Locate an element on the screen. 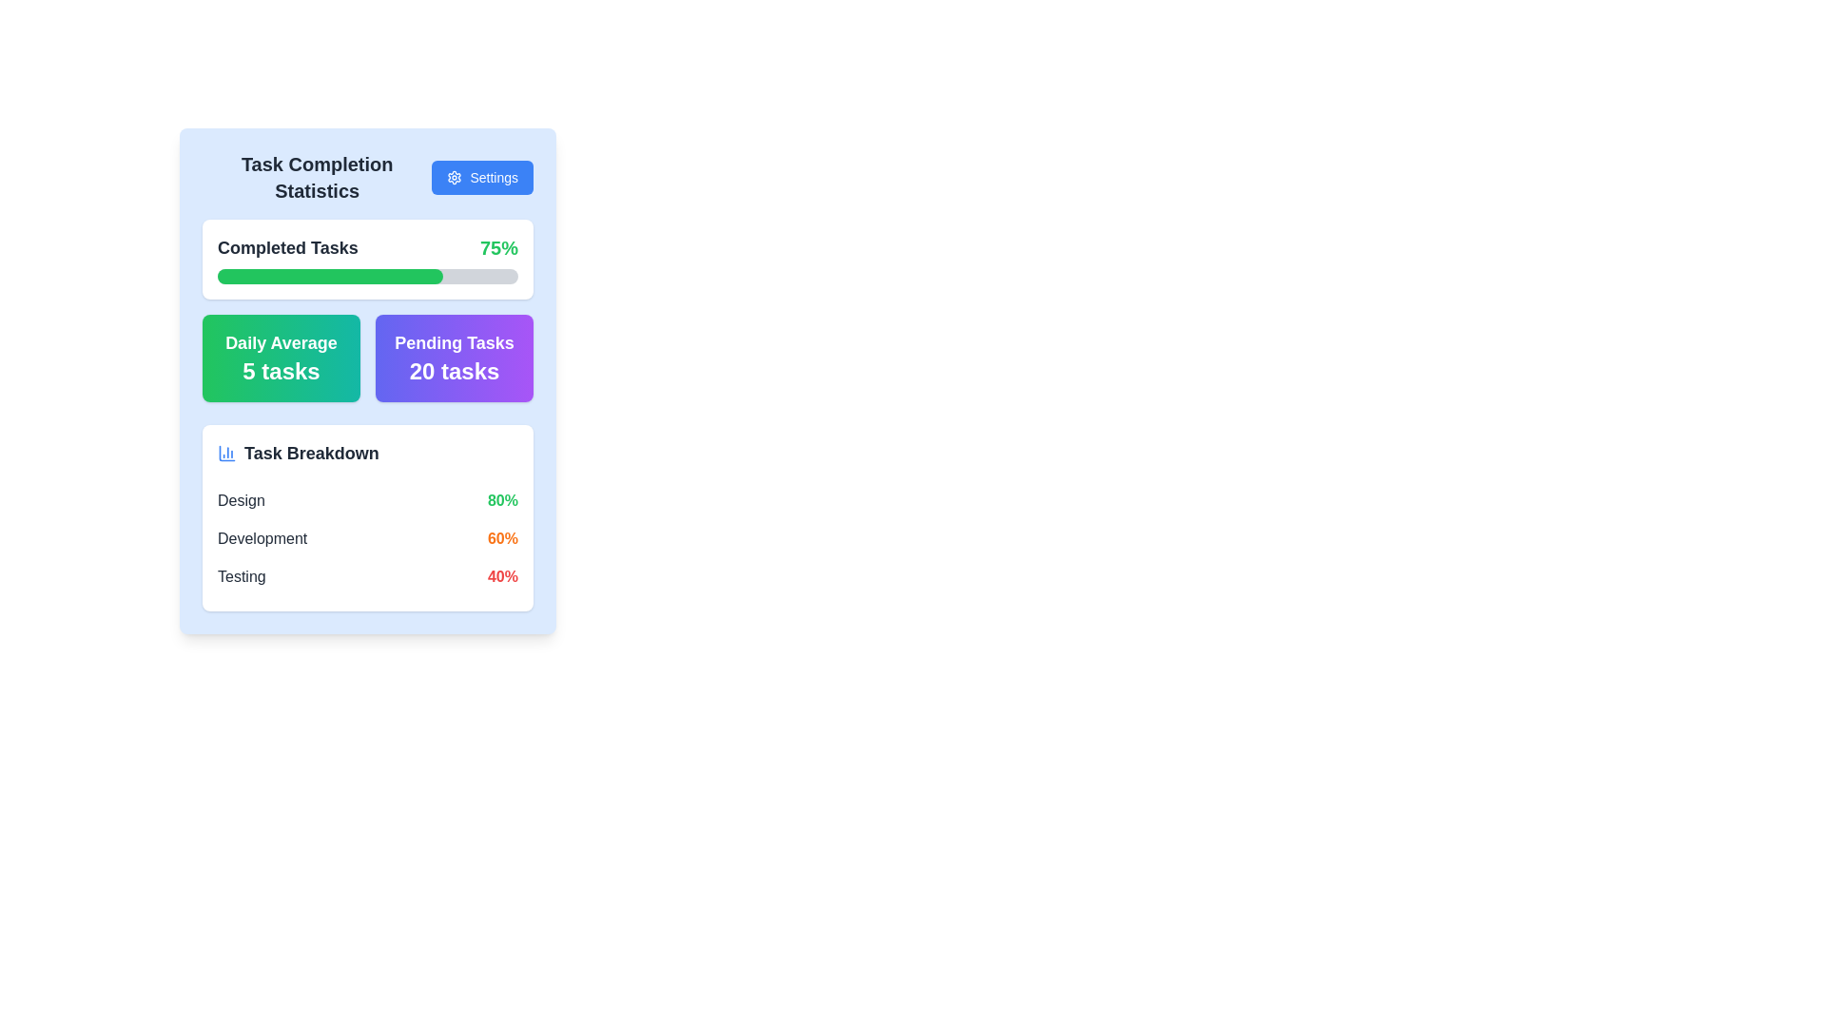 The image size is (1826, 1027). the text label positioned in the lower-left section of the card, which serves as a heading or title for task distributions, located next to a bar chart icon is located at coordinates (311, 454).